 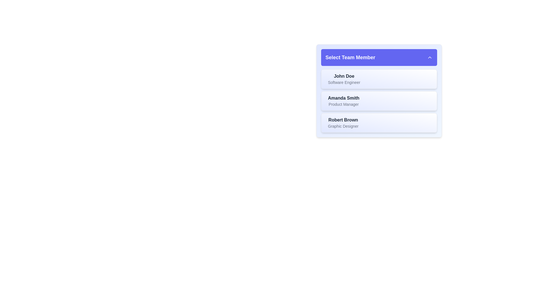 I want to click on the list item displaying 'Amanda Smith', so click(x=379, y=100).